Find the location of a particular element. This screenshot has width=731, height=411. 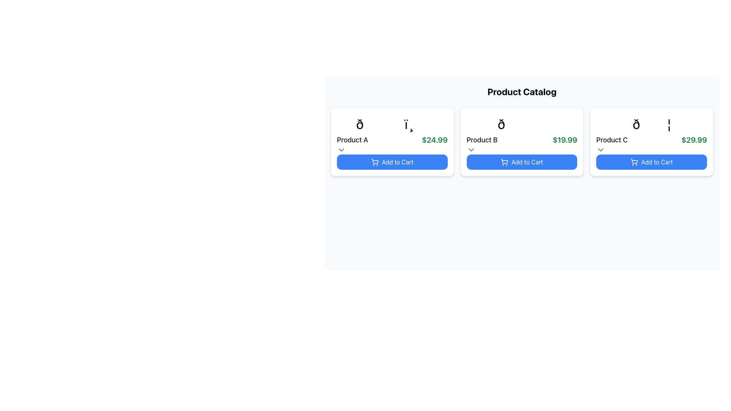

the blue 'Add to Cart' button with a shopping cart icon located at the bottom center of the card for 'Product A' is located at coordinates (392, 161).